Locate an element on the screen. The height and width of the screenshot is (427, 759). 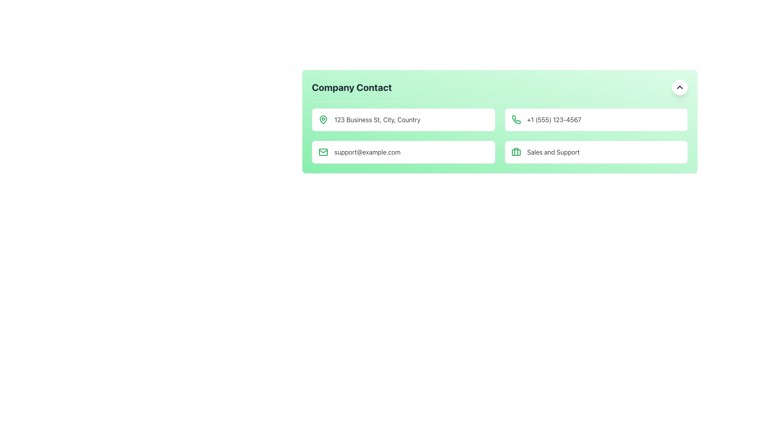
the phone contact icon located in the third row of the contact information section, to the left of the phone number text is located at coordinates (516, 119).